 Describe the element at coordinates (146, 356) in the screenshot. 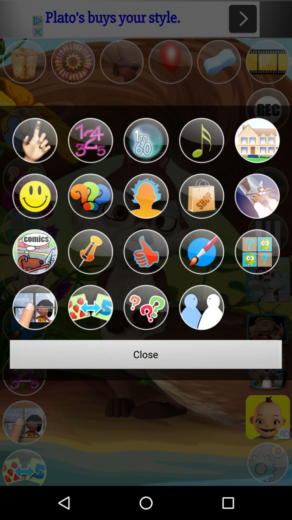

I see `the close at the bottom` at that location.